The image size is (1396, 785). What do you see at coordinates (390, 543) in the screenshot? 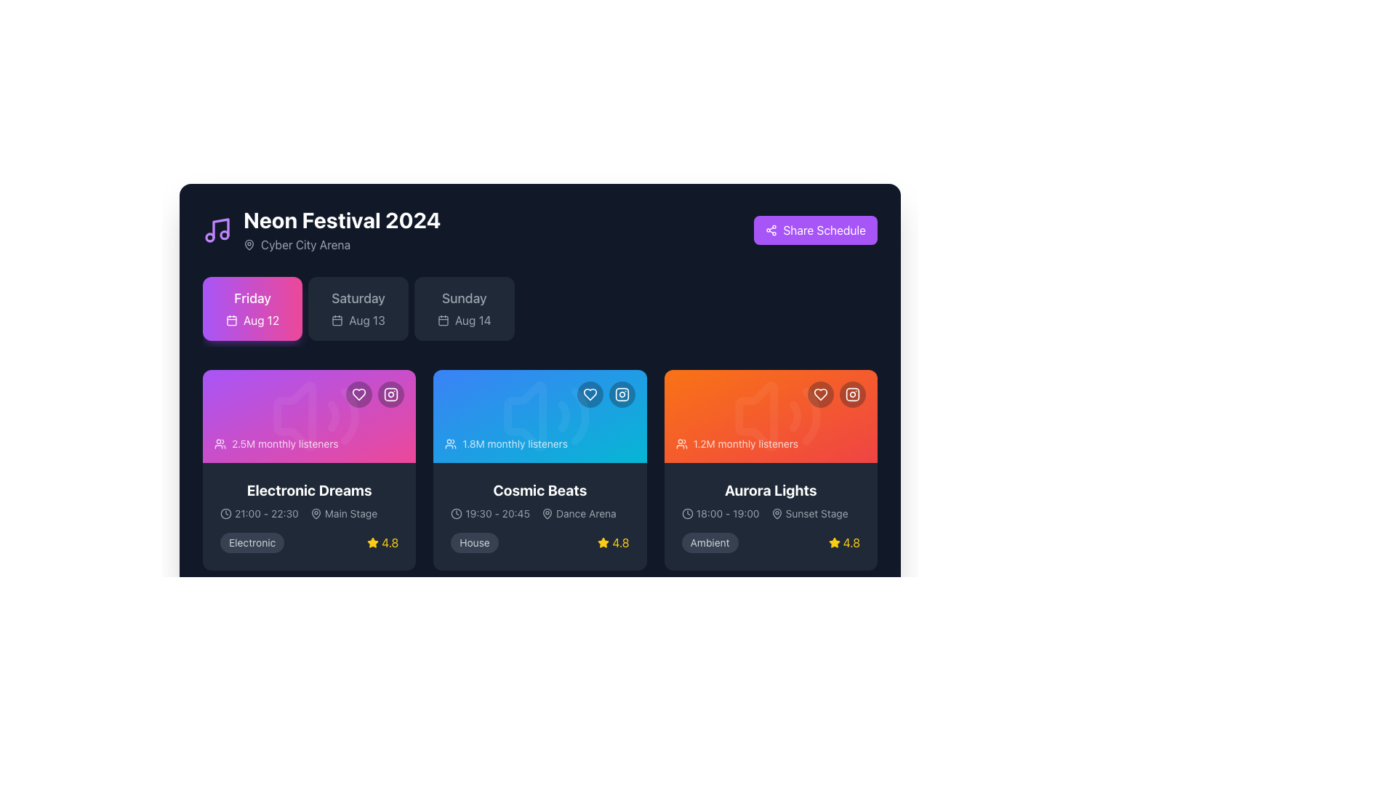
I see `the numerical rating value text label located below the 'Electronic Dreams' card, at the bottom-right next to the yellow star icon` at bounding box center [390, 543].